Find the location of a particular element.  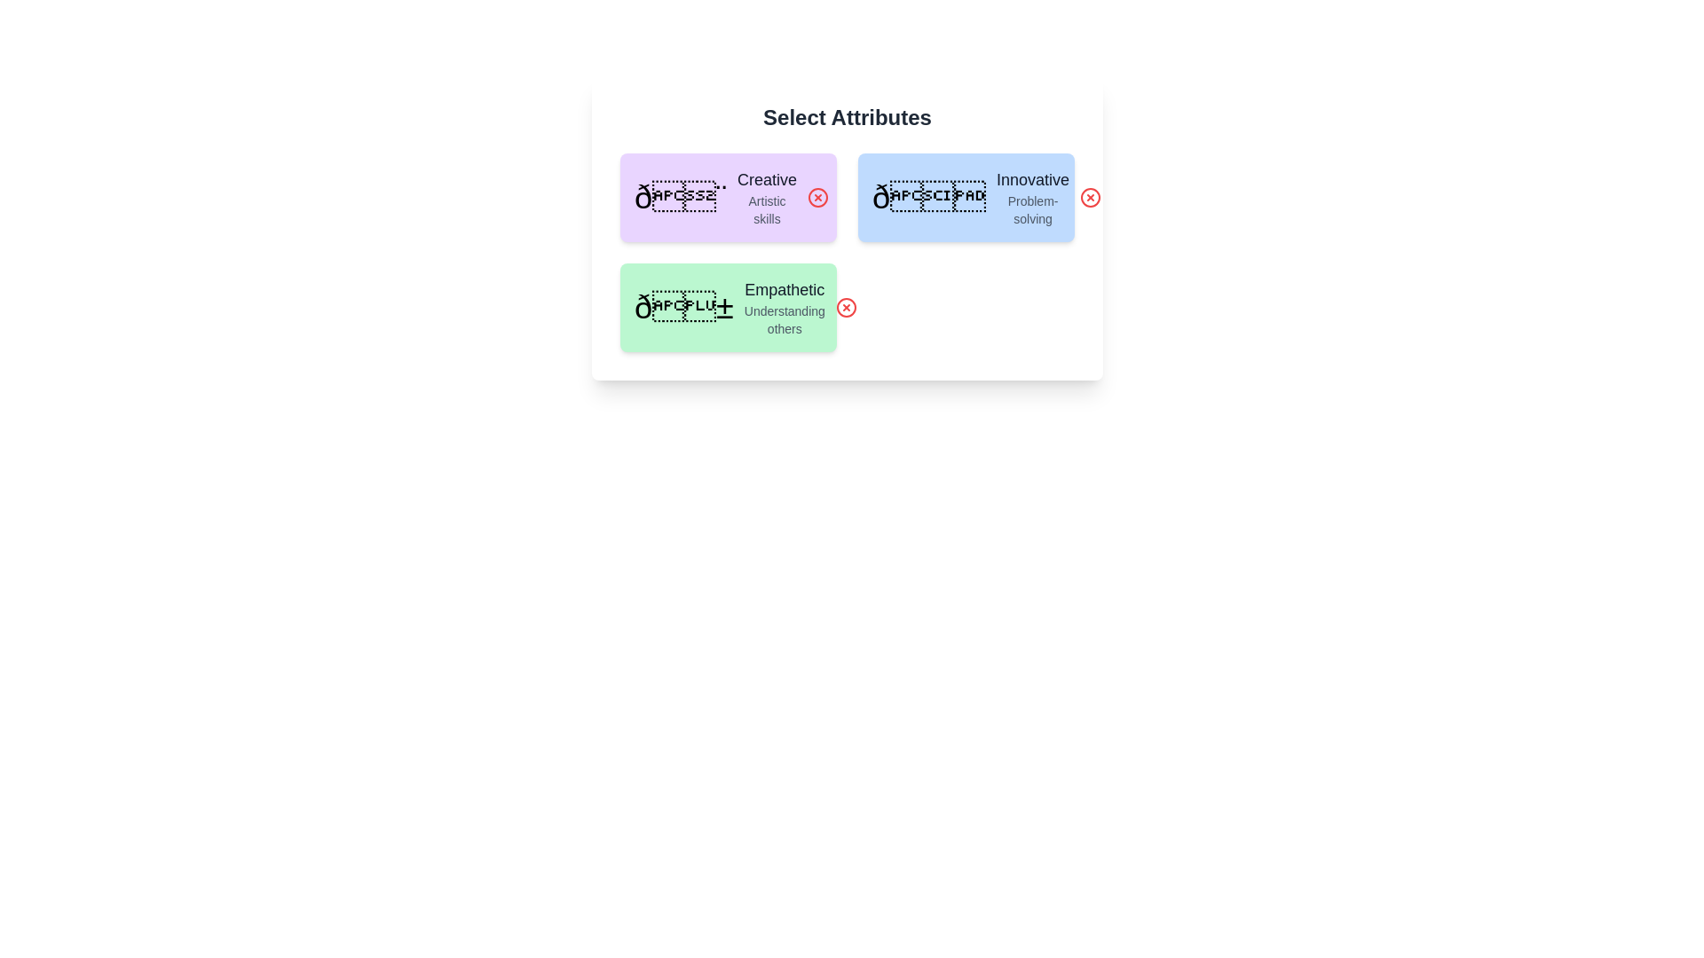

the attribute card labeled Creative is located at coordinates (728, 198).